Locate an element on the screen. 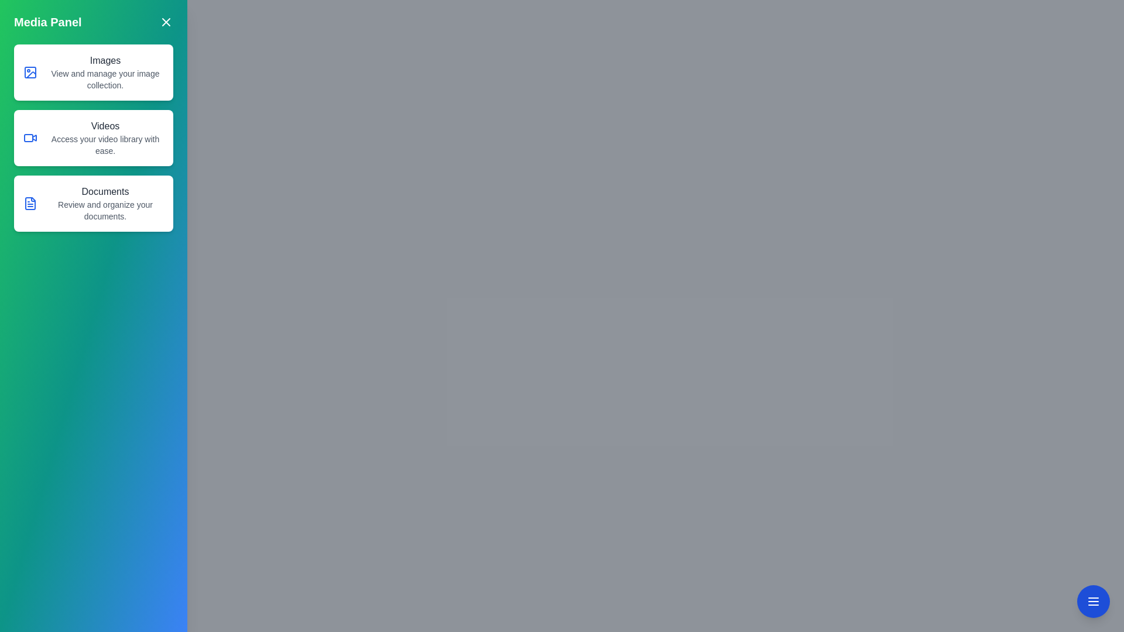  title of the Text Label that displays 'Media Panel' in bold, larger font on the left side of the header area is located at coordinates (47, 22).